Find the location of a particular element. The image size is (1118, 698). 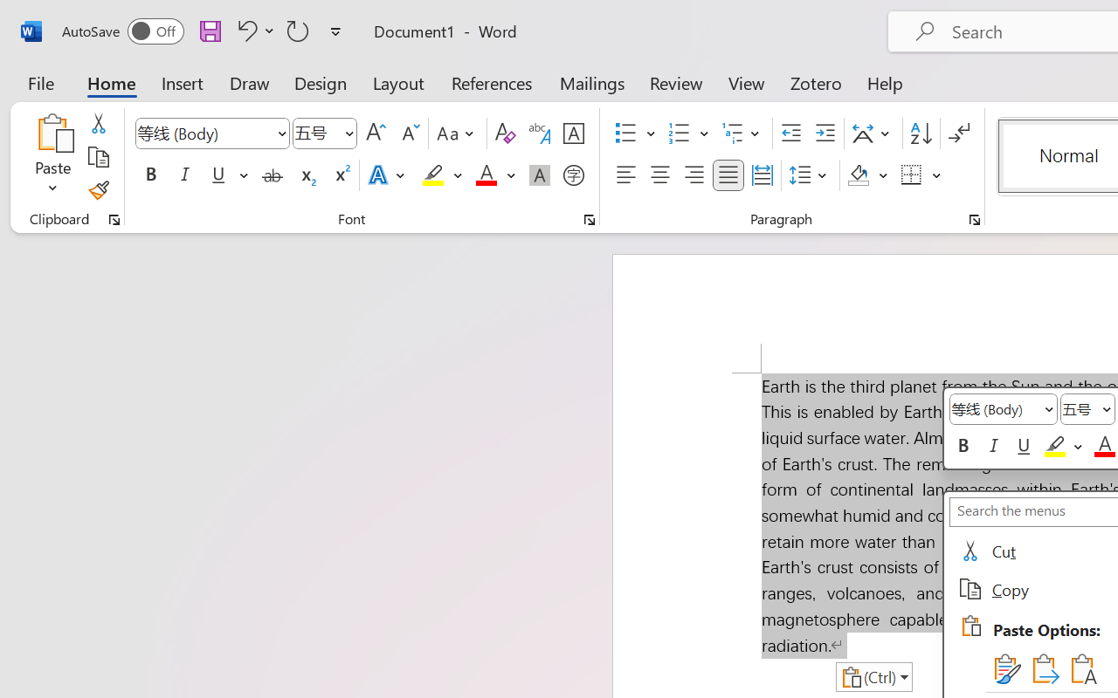

'Decrease Indent' is located at coordinates (790, 133).